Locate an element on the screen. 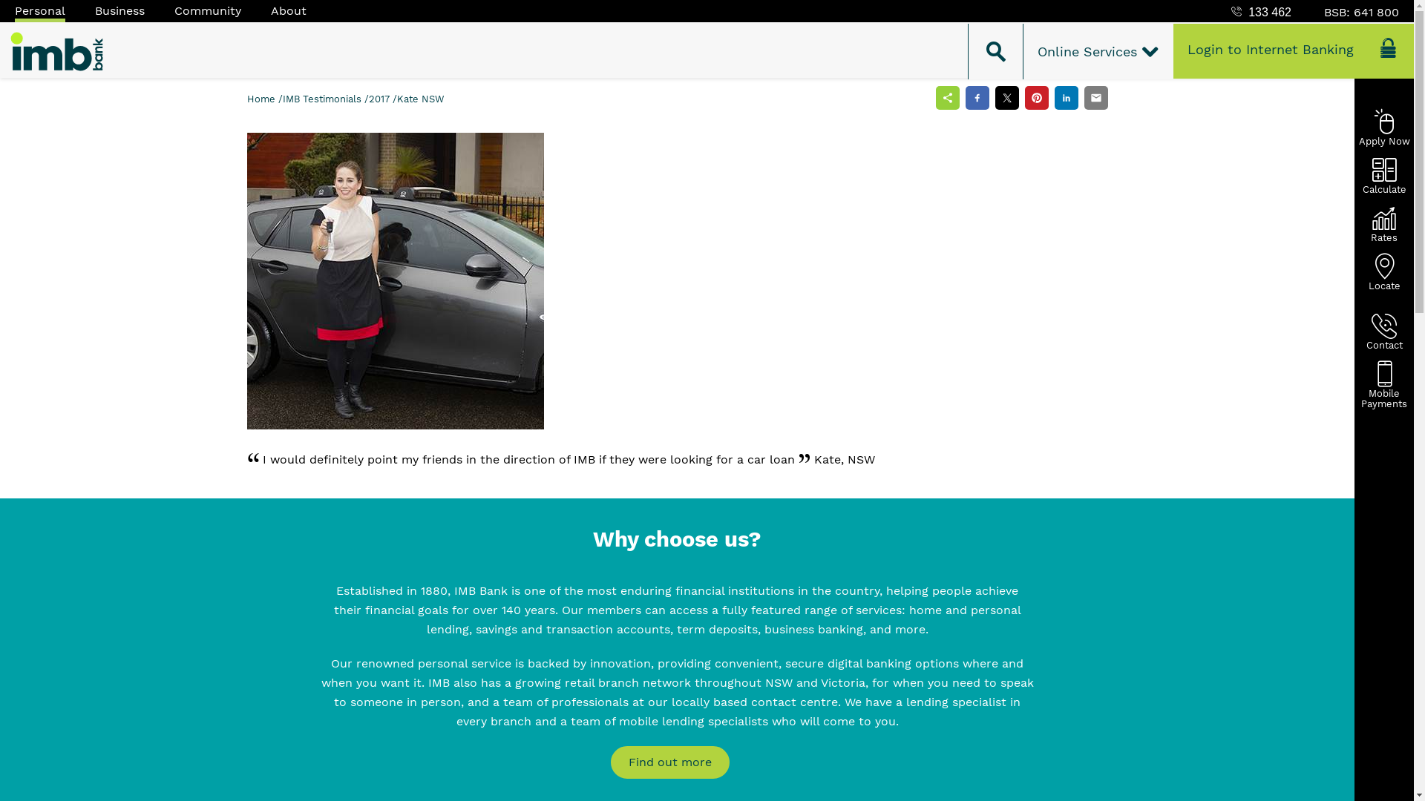  'About' is located at coordinates (288, 10).